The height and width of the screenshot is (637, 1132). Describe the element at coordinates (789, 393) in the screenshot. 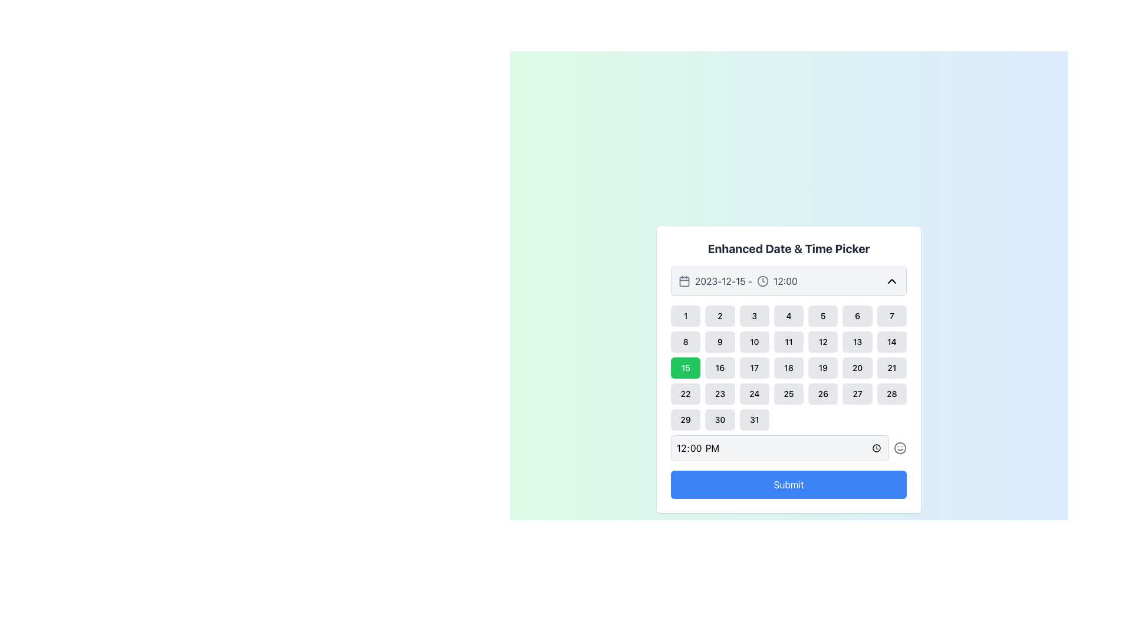

I see `the rounded rectangular button labeled '25' with a light gray background` at that location.